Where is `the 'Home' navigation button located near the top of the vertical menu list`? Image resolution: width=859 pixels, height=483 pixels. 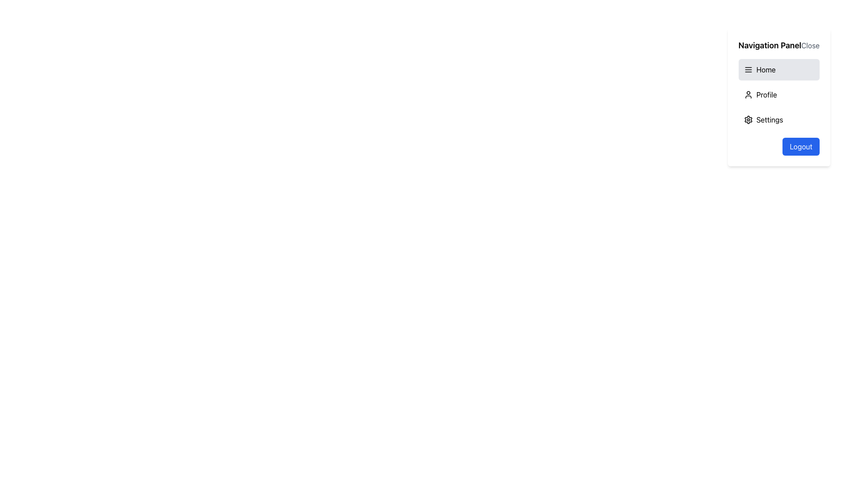 the 'Home' navigation button located near the top of the vertical menu list is located at coordinates (765, 69).